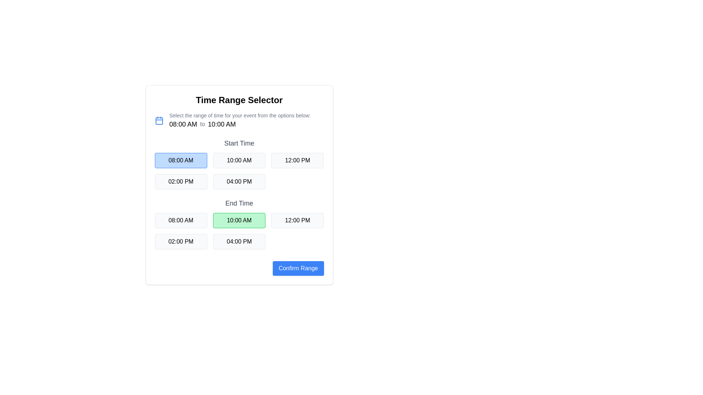  What do you see at coordinates (297, 220) in the screenshot?
I see `the button labeled '12:00 PM' with a light gray background for interaction` at bounding box center [297, 220].